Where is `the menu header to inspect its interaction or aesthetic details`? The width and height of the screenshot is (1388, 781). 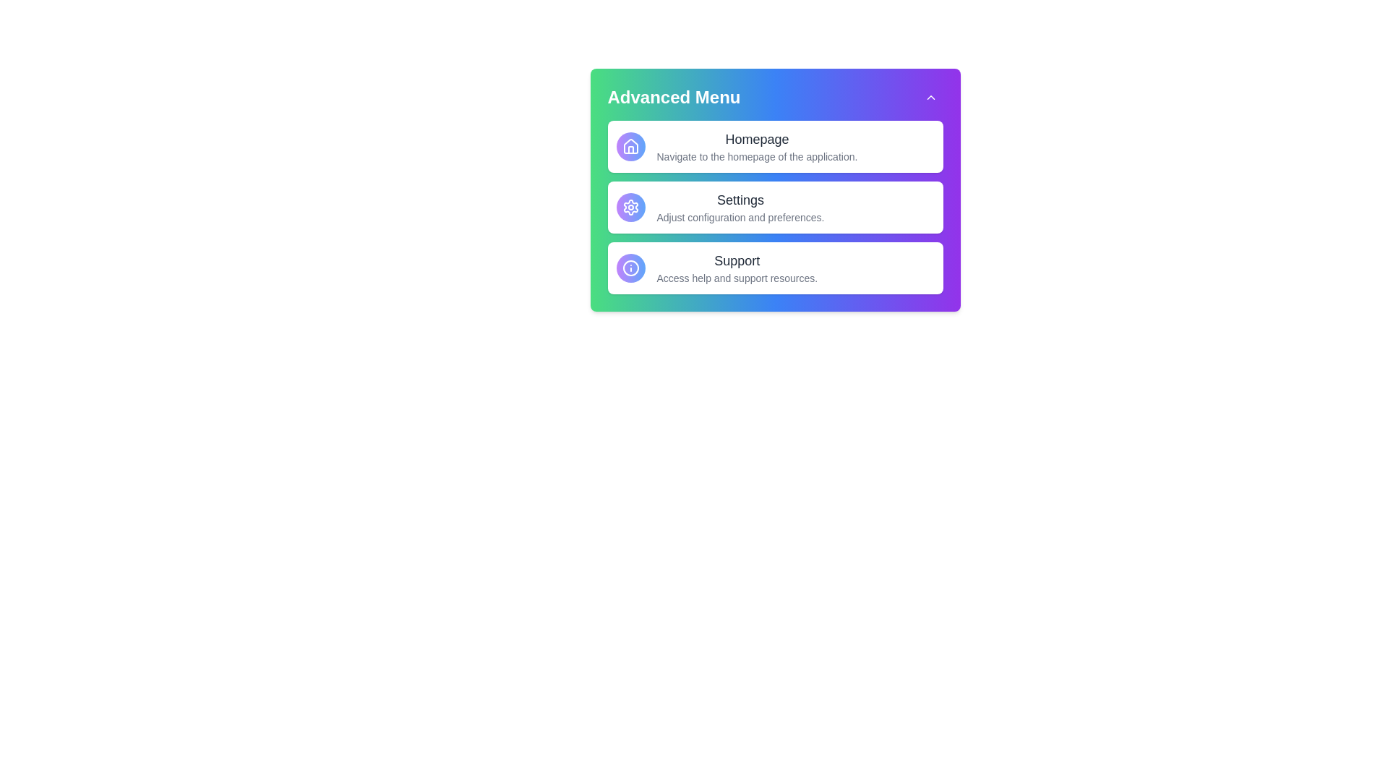 the menu header to inspect its interaction or aesthetic details is located at coordinates (774, 98).